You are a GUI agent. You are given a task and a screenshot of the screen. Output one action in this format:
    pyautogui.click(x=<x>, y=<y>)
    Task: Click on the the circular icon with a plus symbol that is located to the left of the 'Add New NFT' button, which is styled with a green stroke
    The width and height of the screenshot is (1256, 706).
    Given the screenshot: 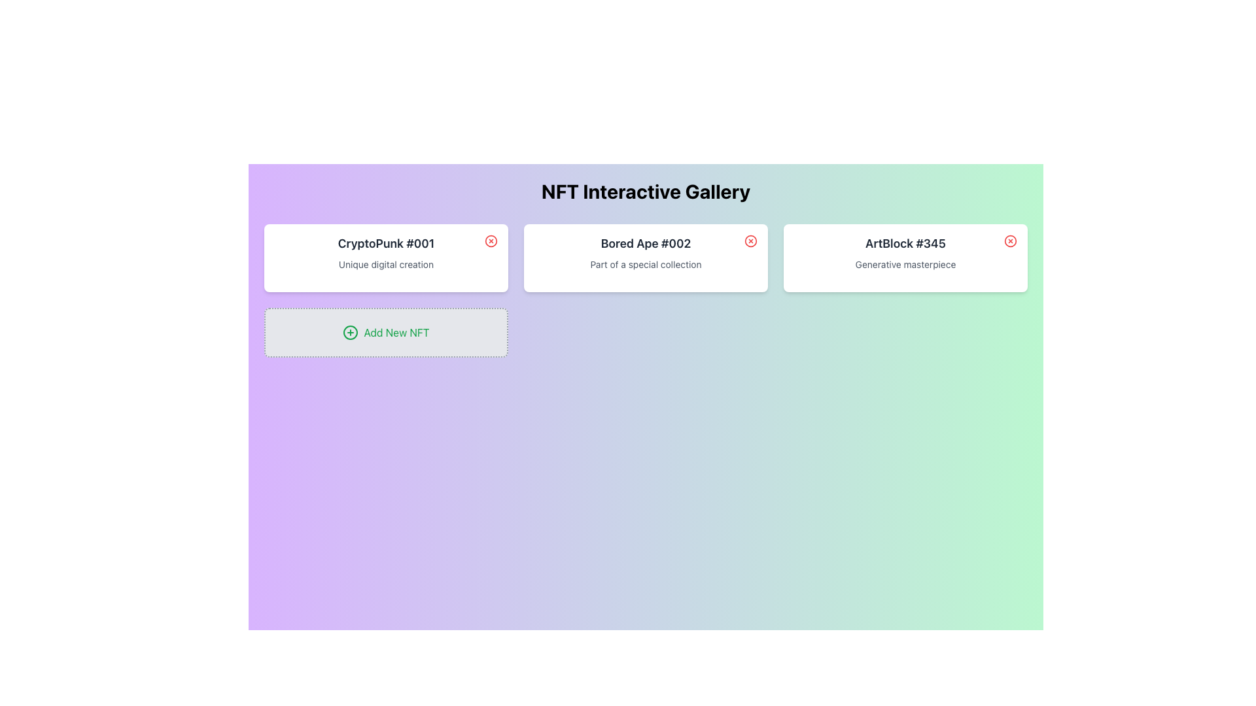 What is the action you would take?
    pyautogui.click(x=351, y=332)
    